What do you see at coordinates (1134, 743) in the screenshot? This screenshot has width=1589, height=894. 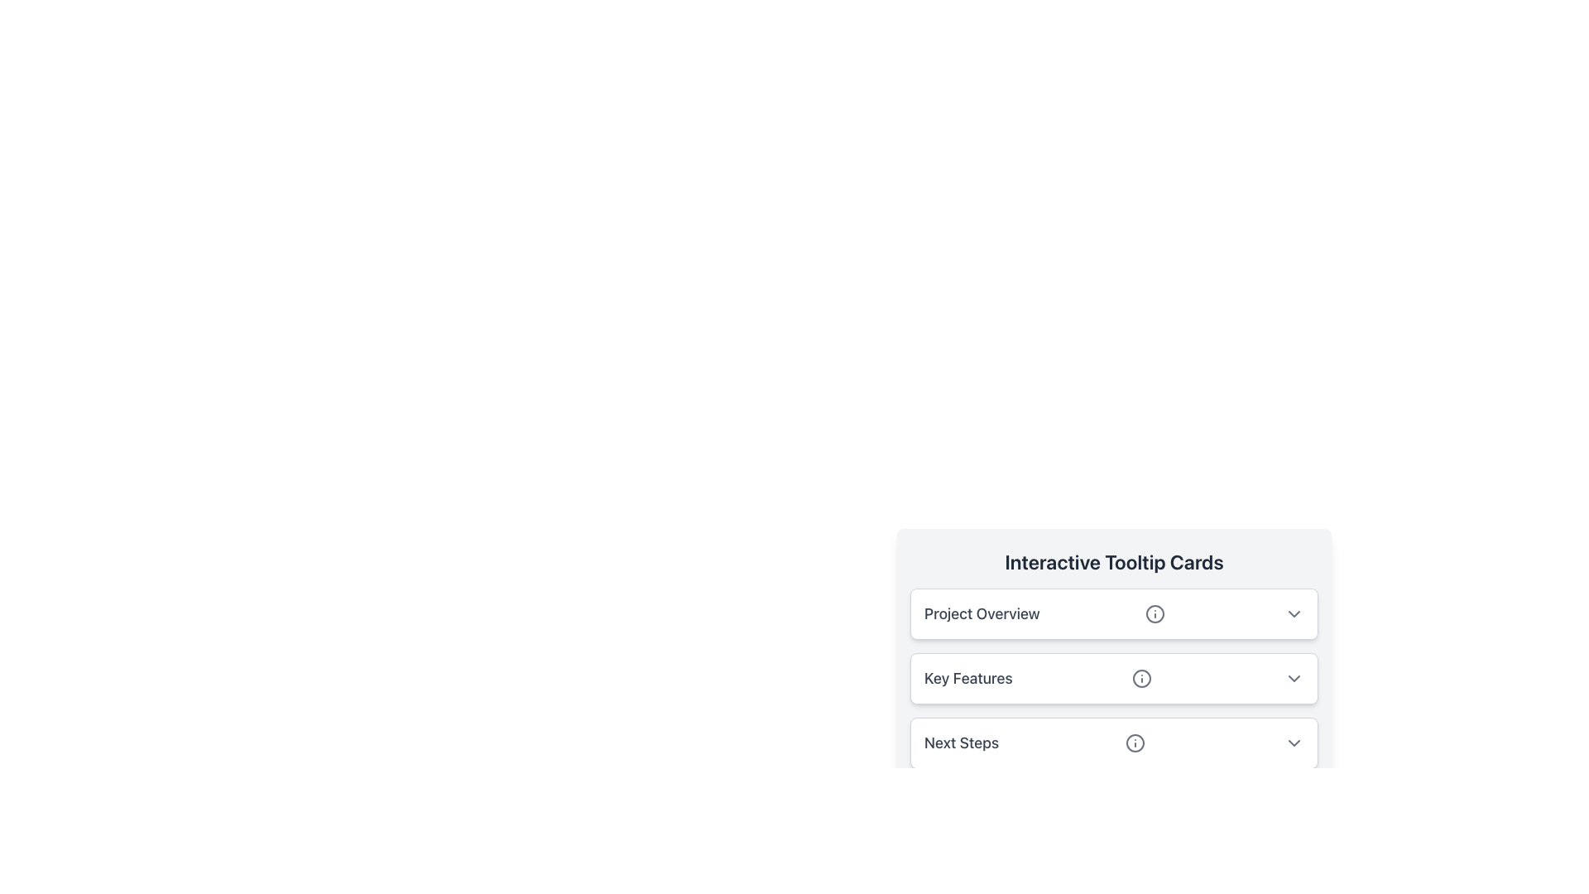 I see `the icon button that displays additional information about the 'Next Steps' section, located to the left of the chevron icon` at bounding box center [1134, 743].